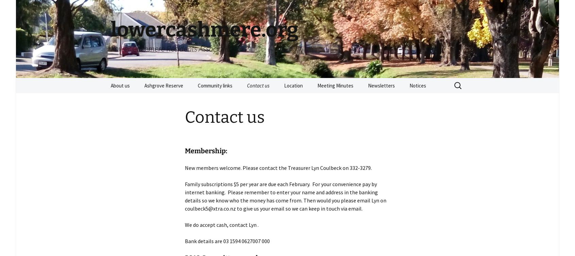 This screenshot has width=575, height=256. I want to click on 'Community links', so click(214, 85).